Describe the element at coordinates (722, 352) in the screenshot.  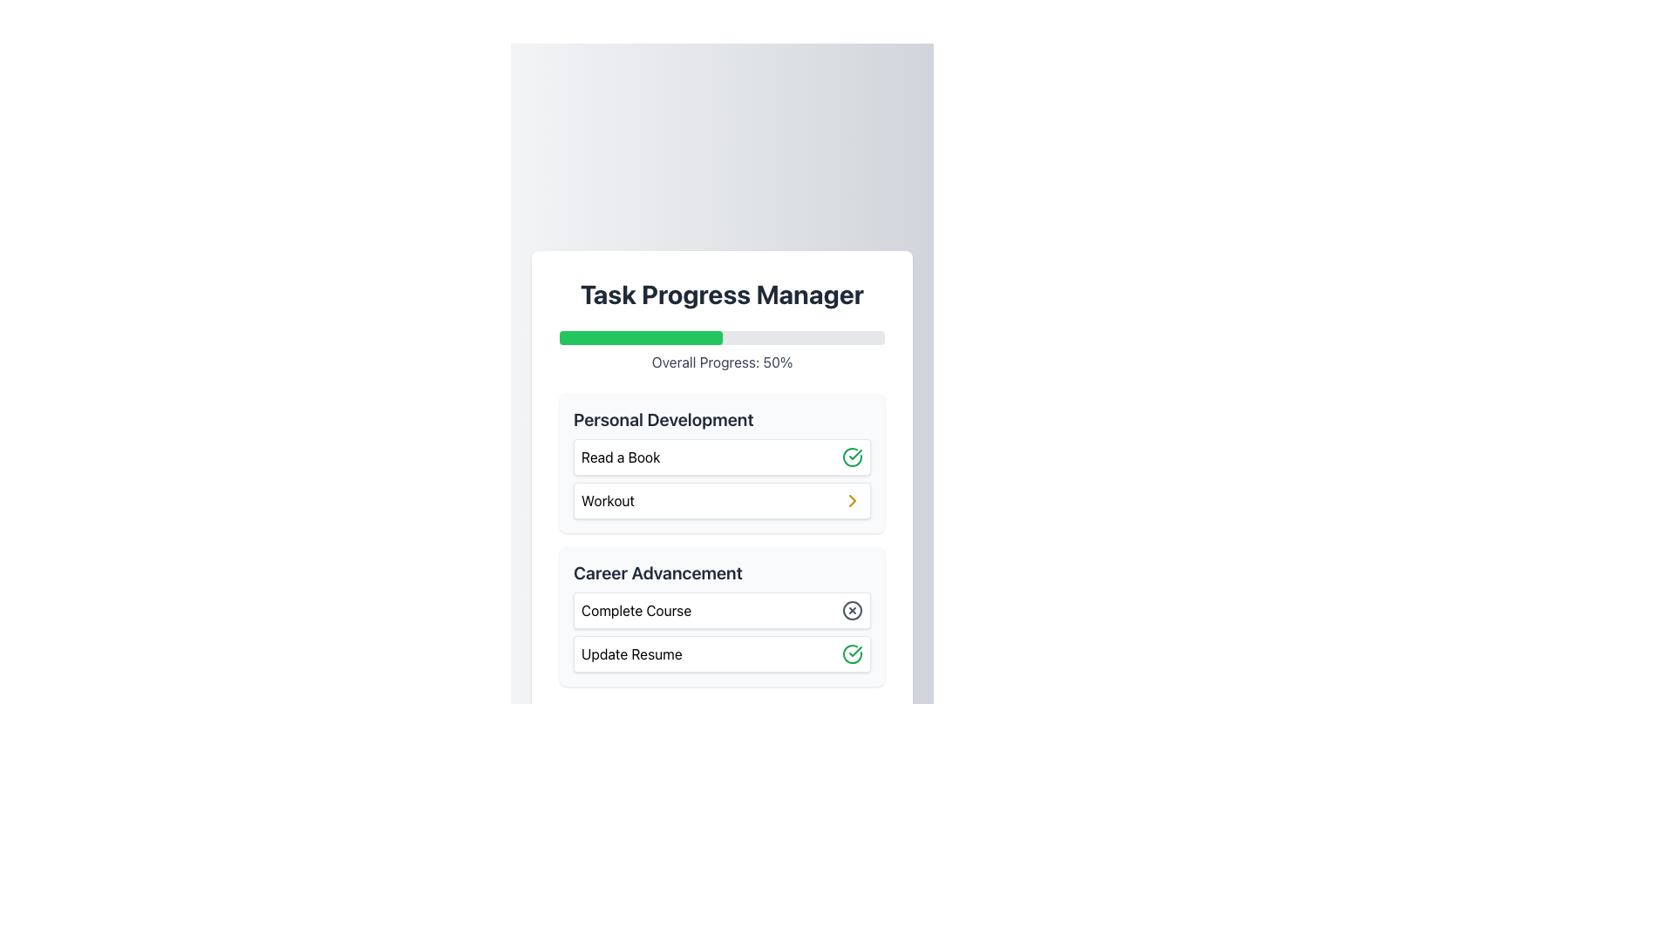
I see `the progress indicator displaying 'Overall Progress: 50%' below the 'Task Progress Manager' header` at that location.